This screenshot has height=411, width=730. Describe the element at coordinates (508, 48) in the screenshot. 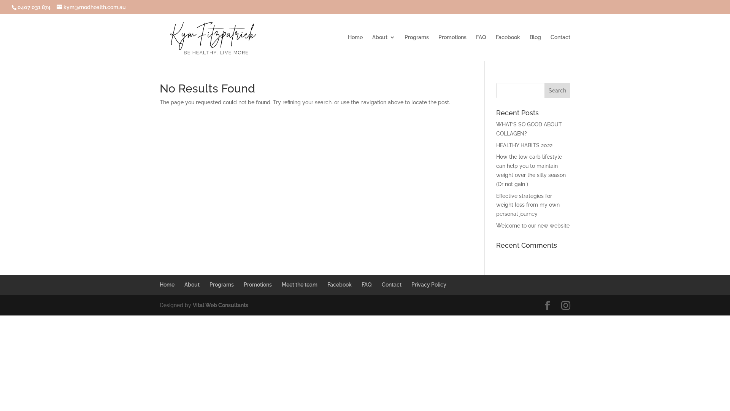

I see `'Facebook'` at that location.